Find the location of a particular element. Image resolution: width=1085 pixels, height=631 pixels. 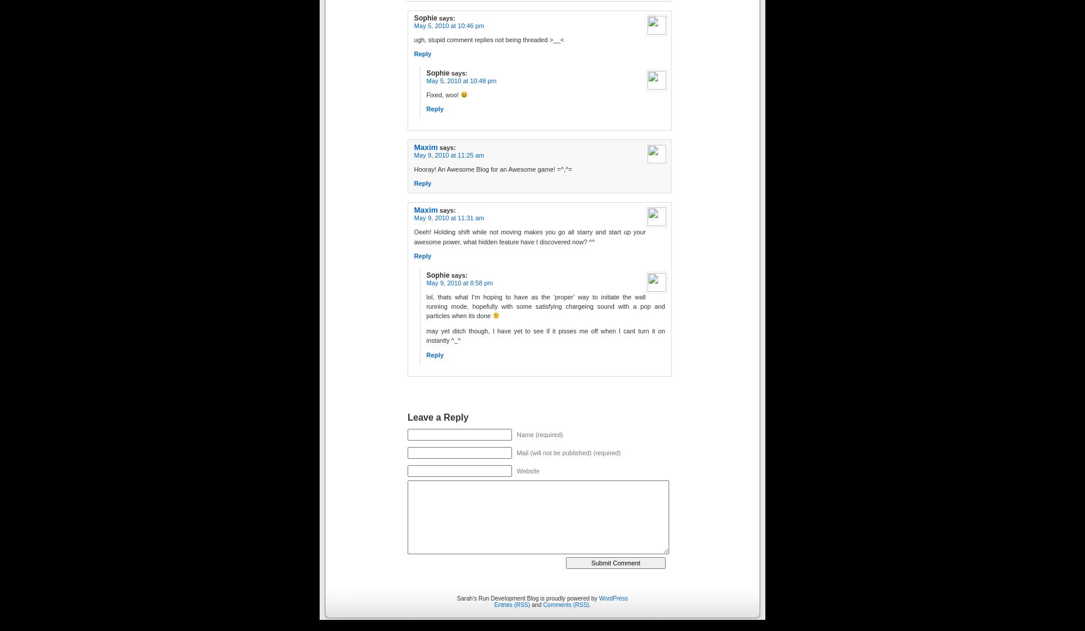

'.' is located at coordinates (589, 603).